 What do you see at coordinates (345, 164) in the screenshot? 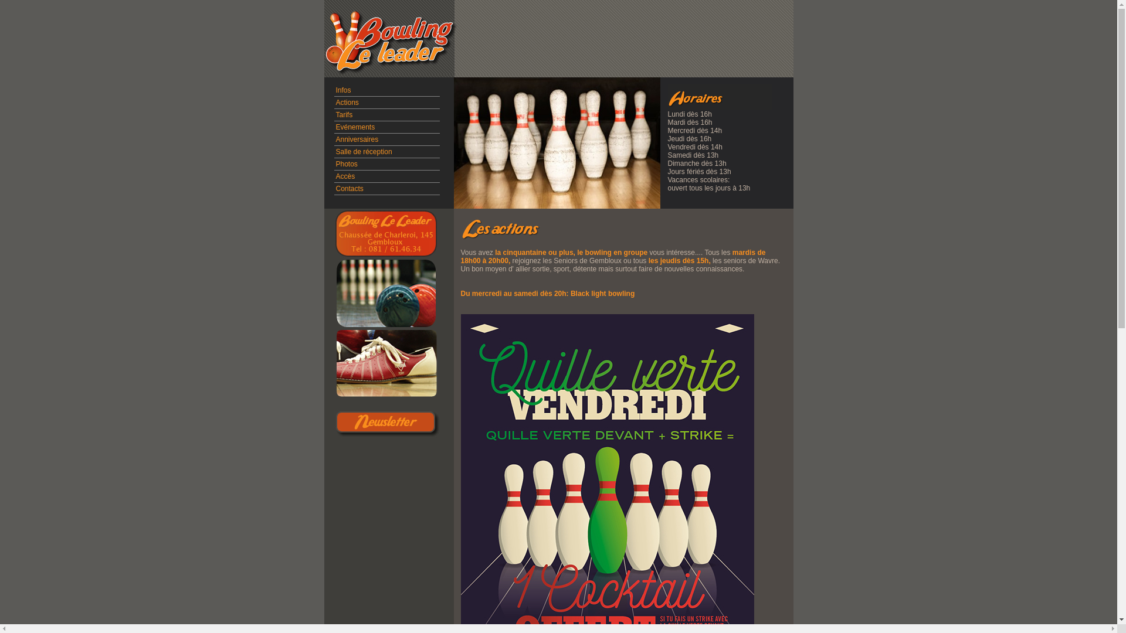
I see `'Photos'` at bounding box center [345, 164].